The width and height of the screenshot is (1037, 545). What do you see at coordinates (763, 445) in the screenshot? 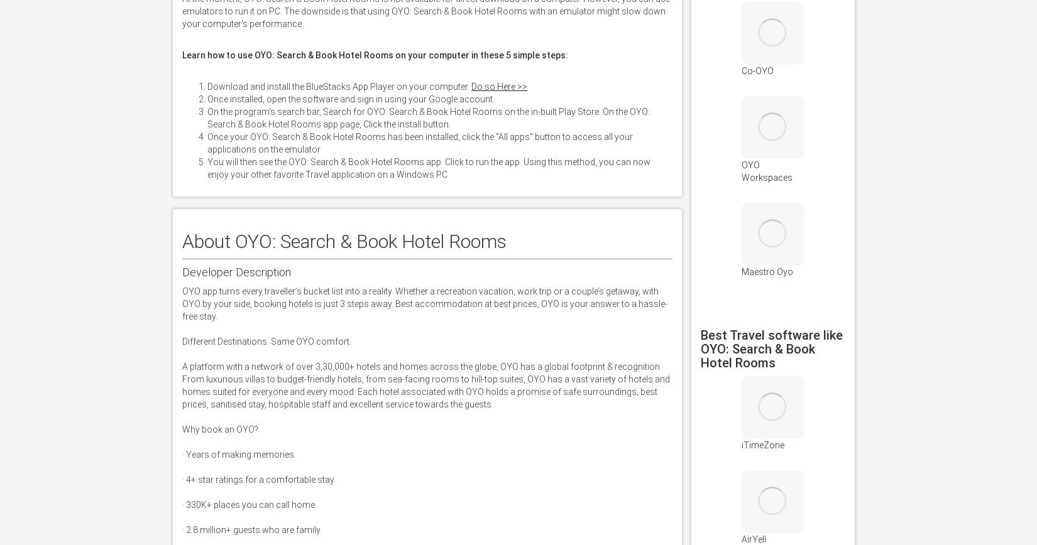
I see `'iTimeZone'` at bounding box center [763, 445].